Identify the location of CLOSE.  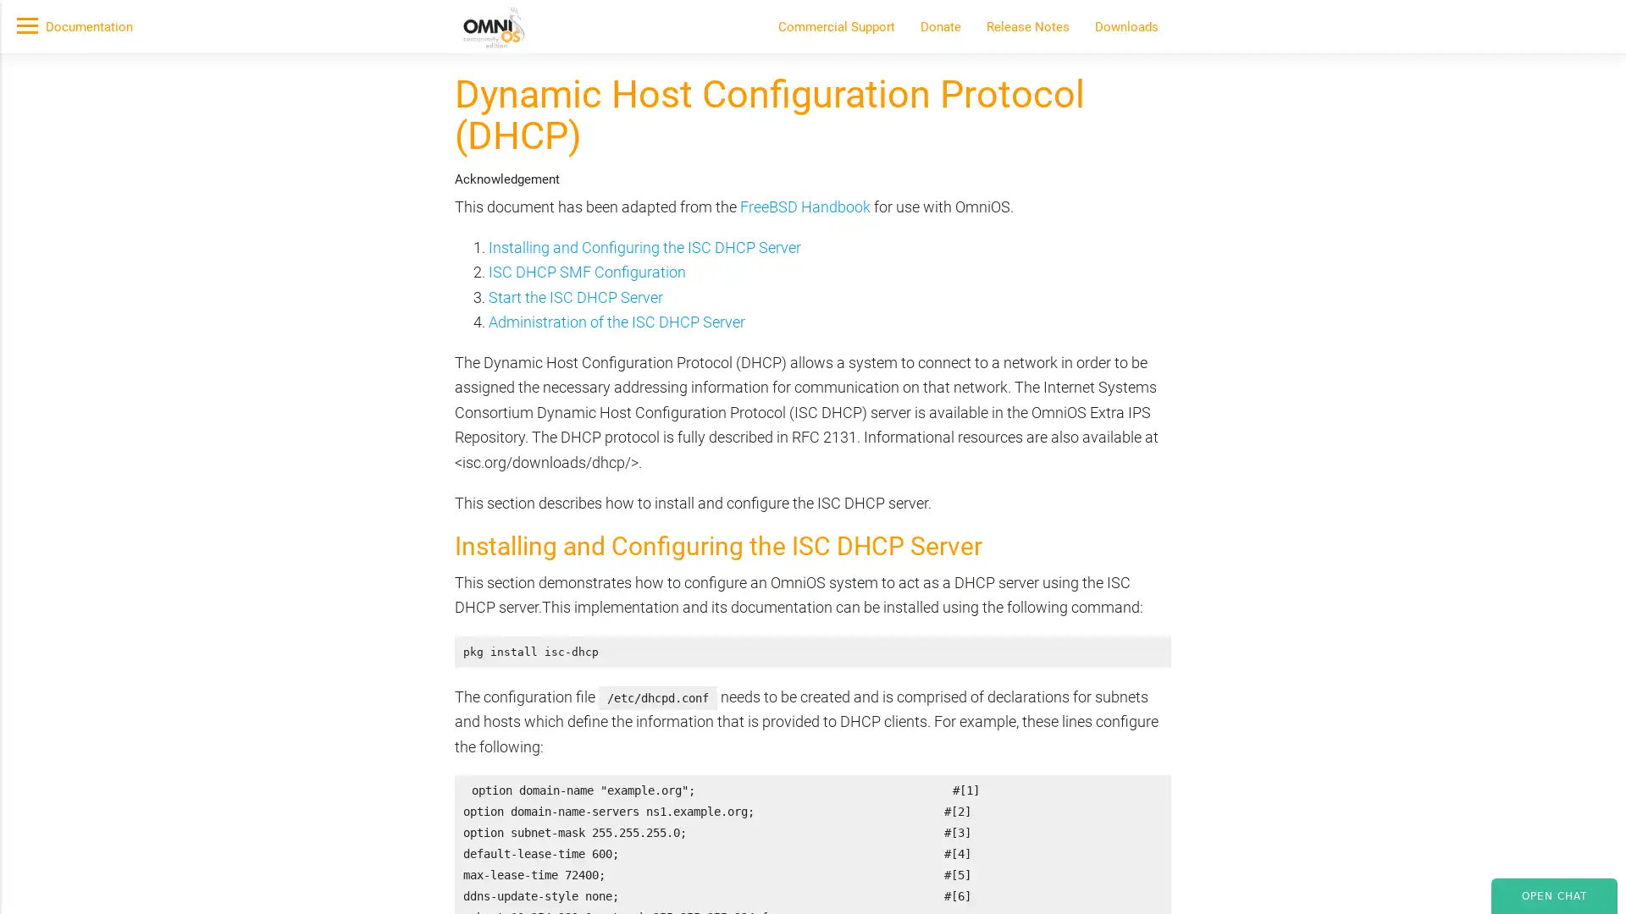
(1209, 251).